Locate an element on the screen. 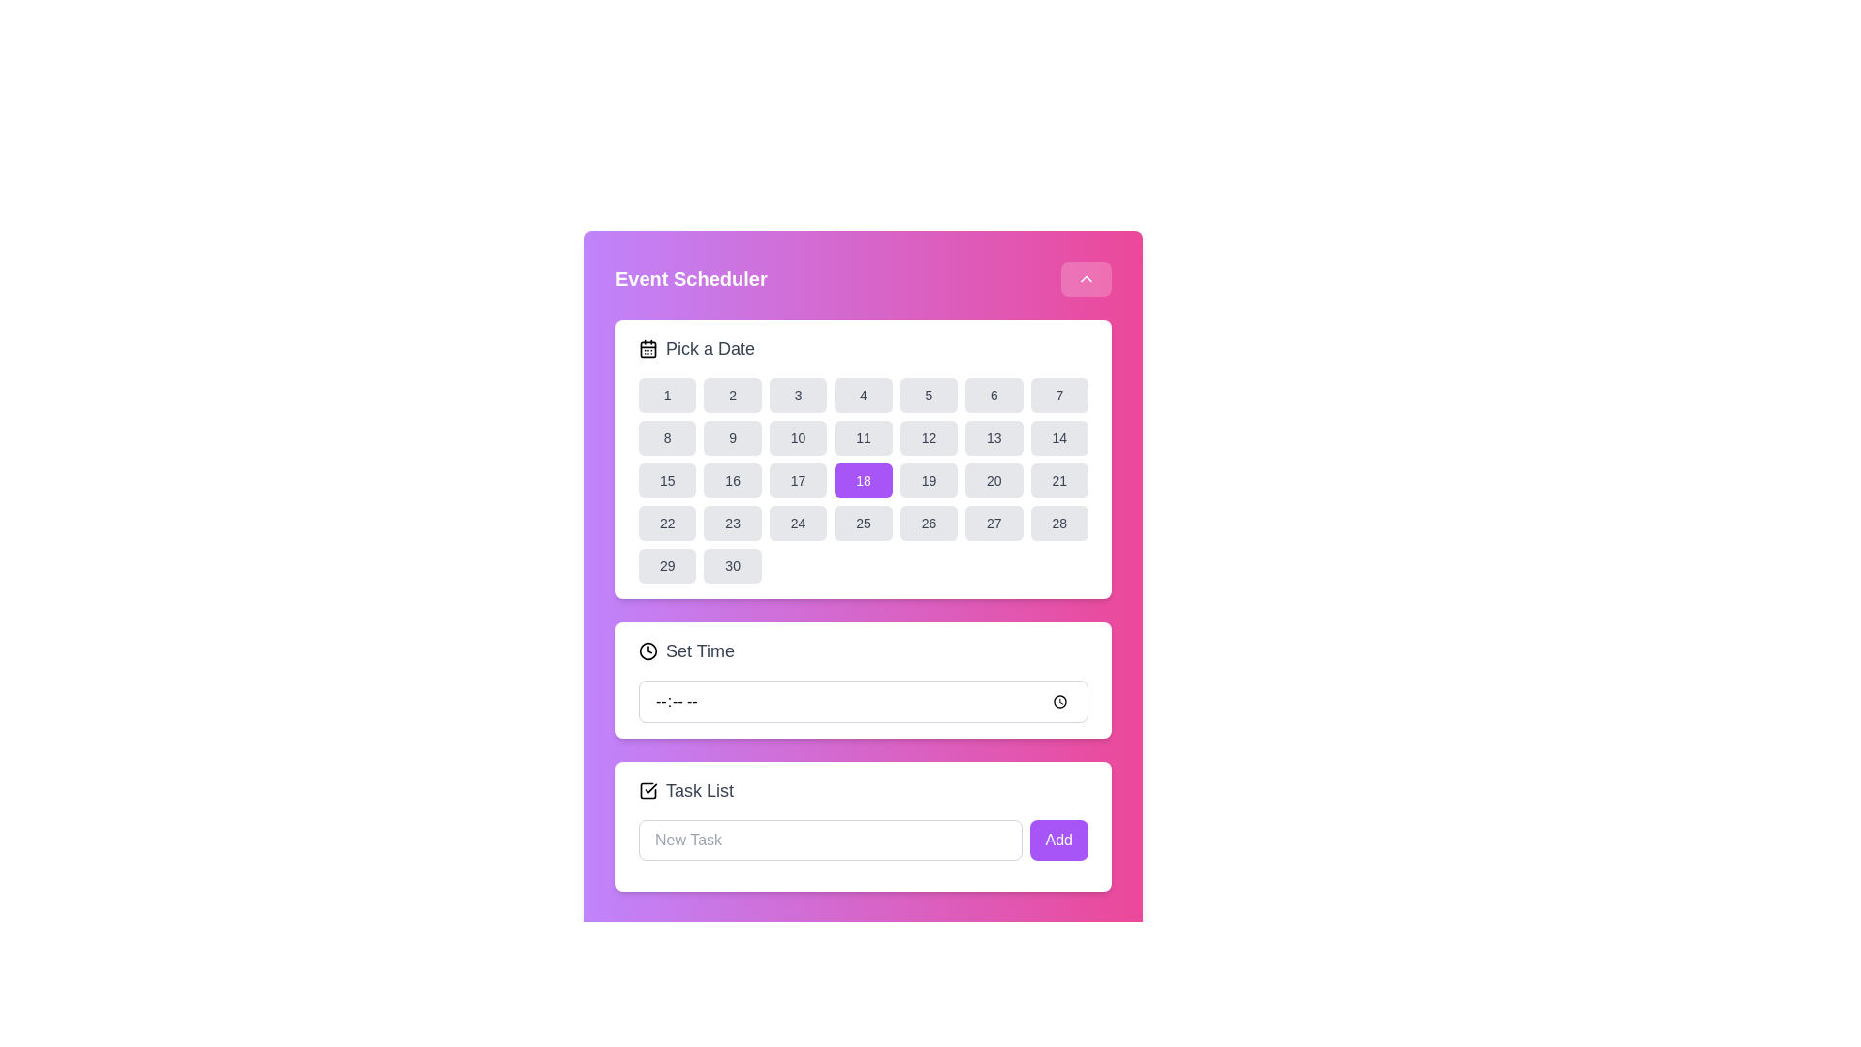 This screenshot has height=1047, width=1861. the rounded rectangular button displaying '29' in dark gray is located at coordinates (667, 565).